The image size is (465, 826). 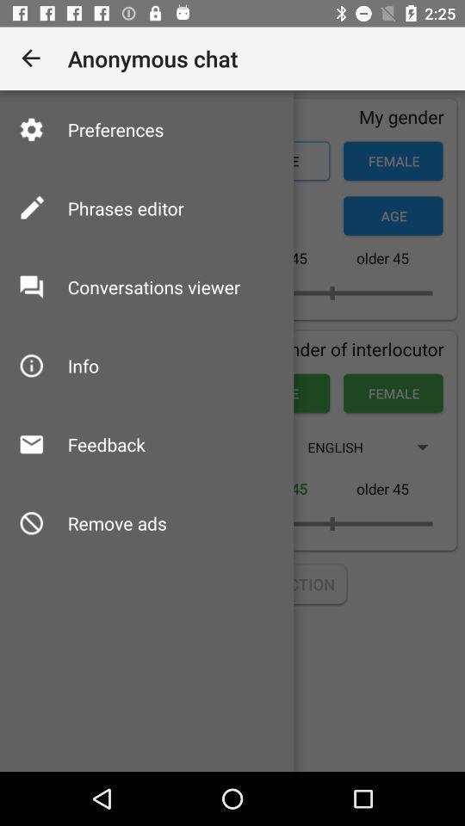 I want to click on icon next to english item, so click(x=106, y=443).